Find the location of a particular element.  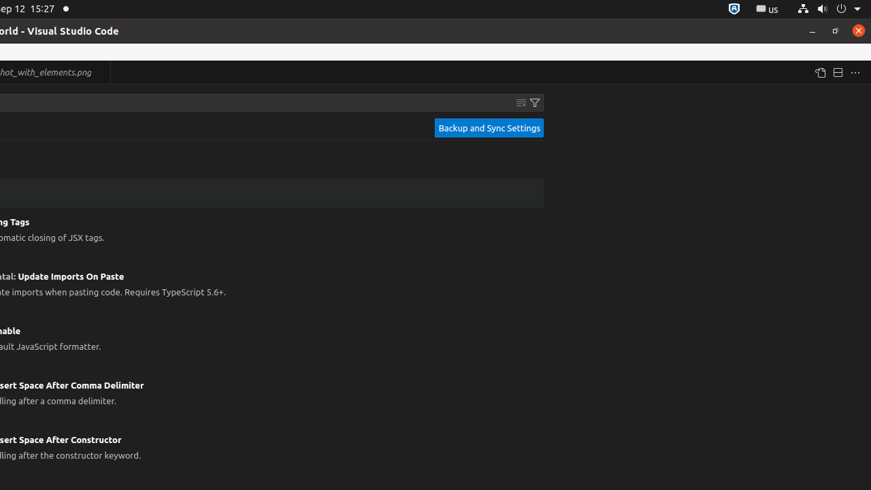

'Filter Settings' is located at coordinates (534, 101).